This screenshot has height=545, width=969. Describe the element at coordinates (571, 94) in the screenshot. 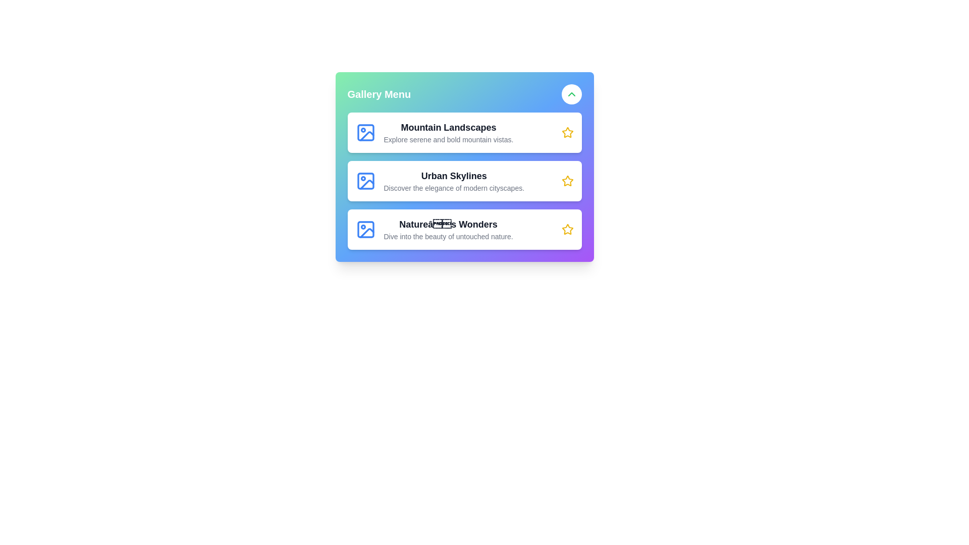

I see `button with the up/down chevron to toggle the visibility of the menu` at that location.